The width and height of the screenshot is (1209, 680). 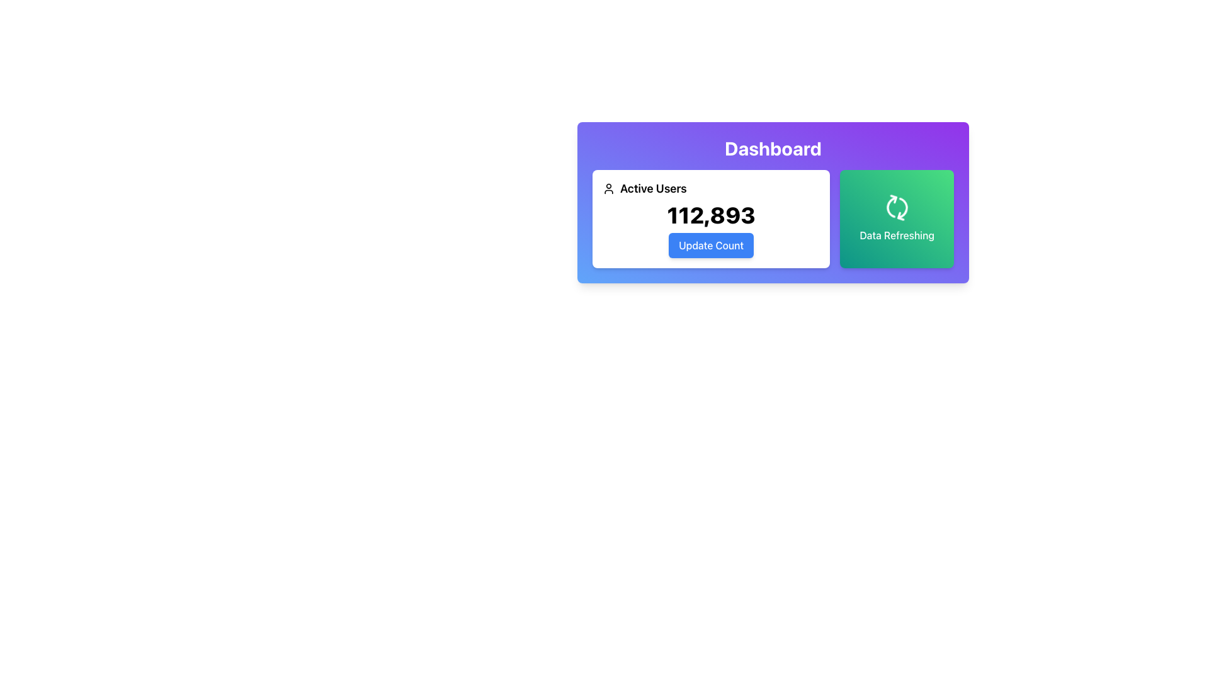 I want to click on the Text Label that describes the functionality of the refresh icon located in the bottom right portion of the card-style block, so click(x=896, y=235).